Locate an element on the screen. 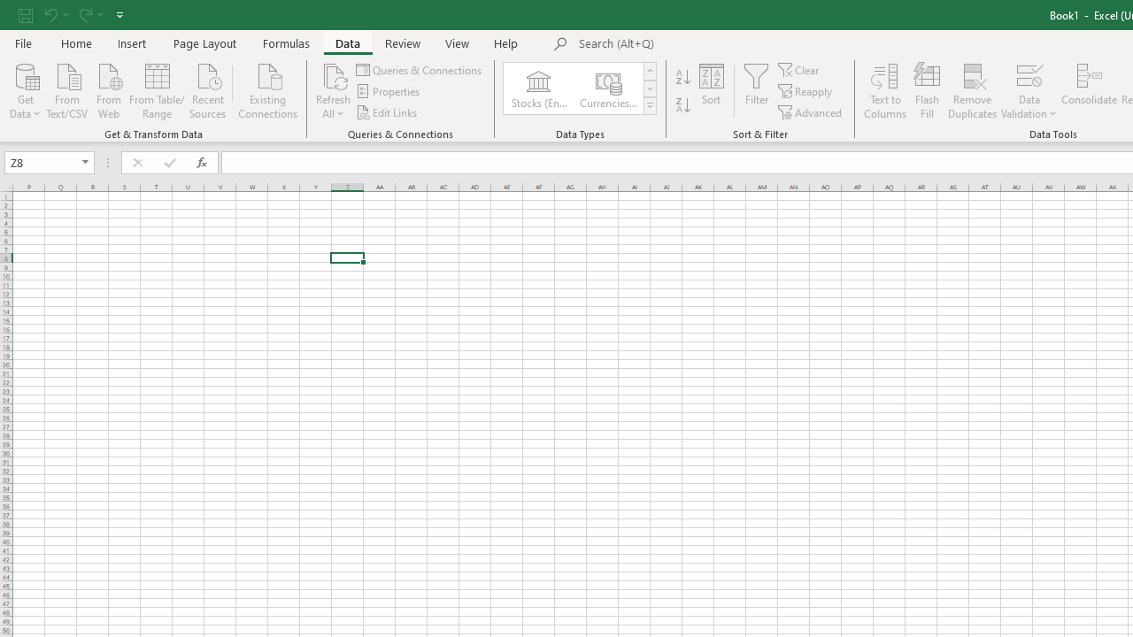 Image resolution: width=1133 pixels, height=637 pixels. 'Existing Connections' is located at coordinates (267, 89).